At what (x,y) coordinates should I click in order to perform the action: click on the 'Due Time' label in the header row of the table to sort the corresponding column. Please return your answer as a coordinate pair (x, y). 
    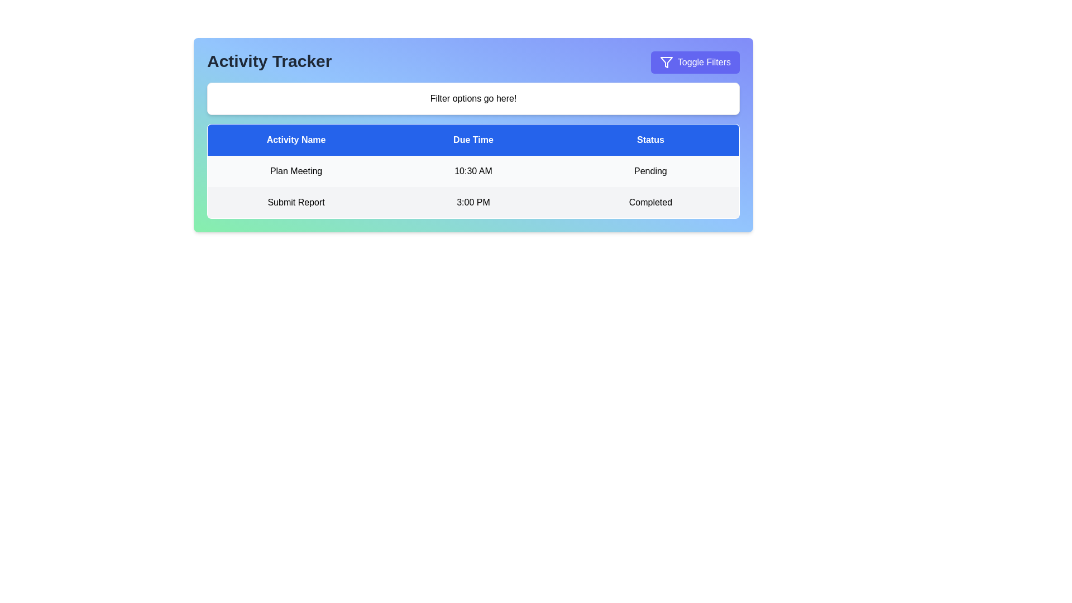
    Looking at the image, I should click on (473, 139).